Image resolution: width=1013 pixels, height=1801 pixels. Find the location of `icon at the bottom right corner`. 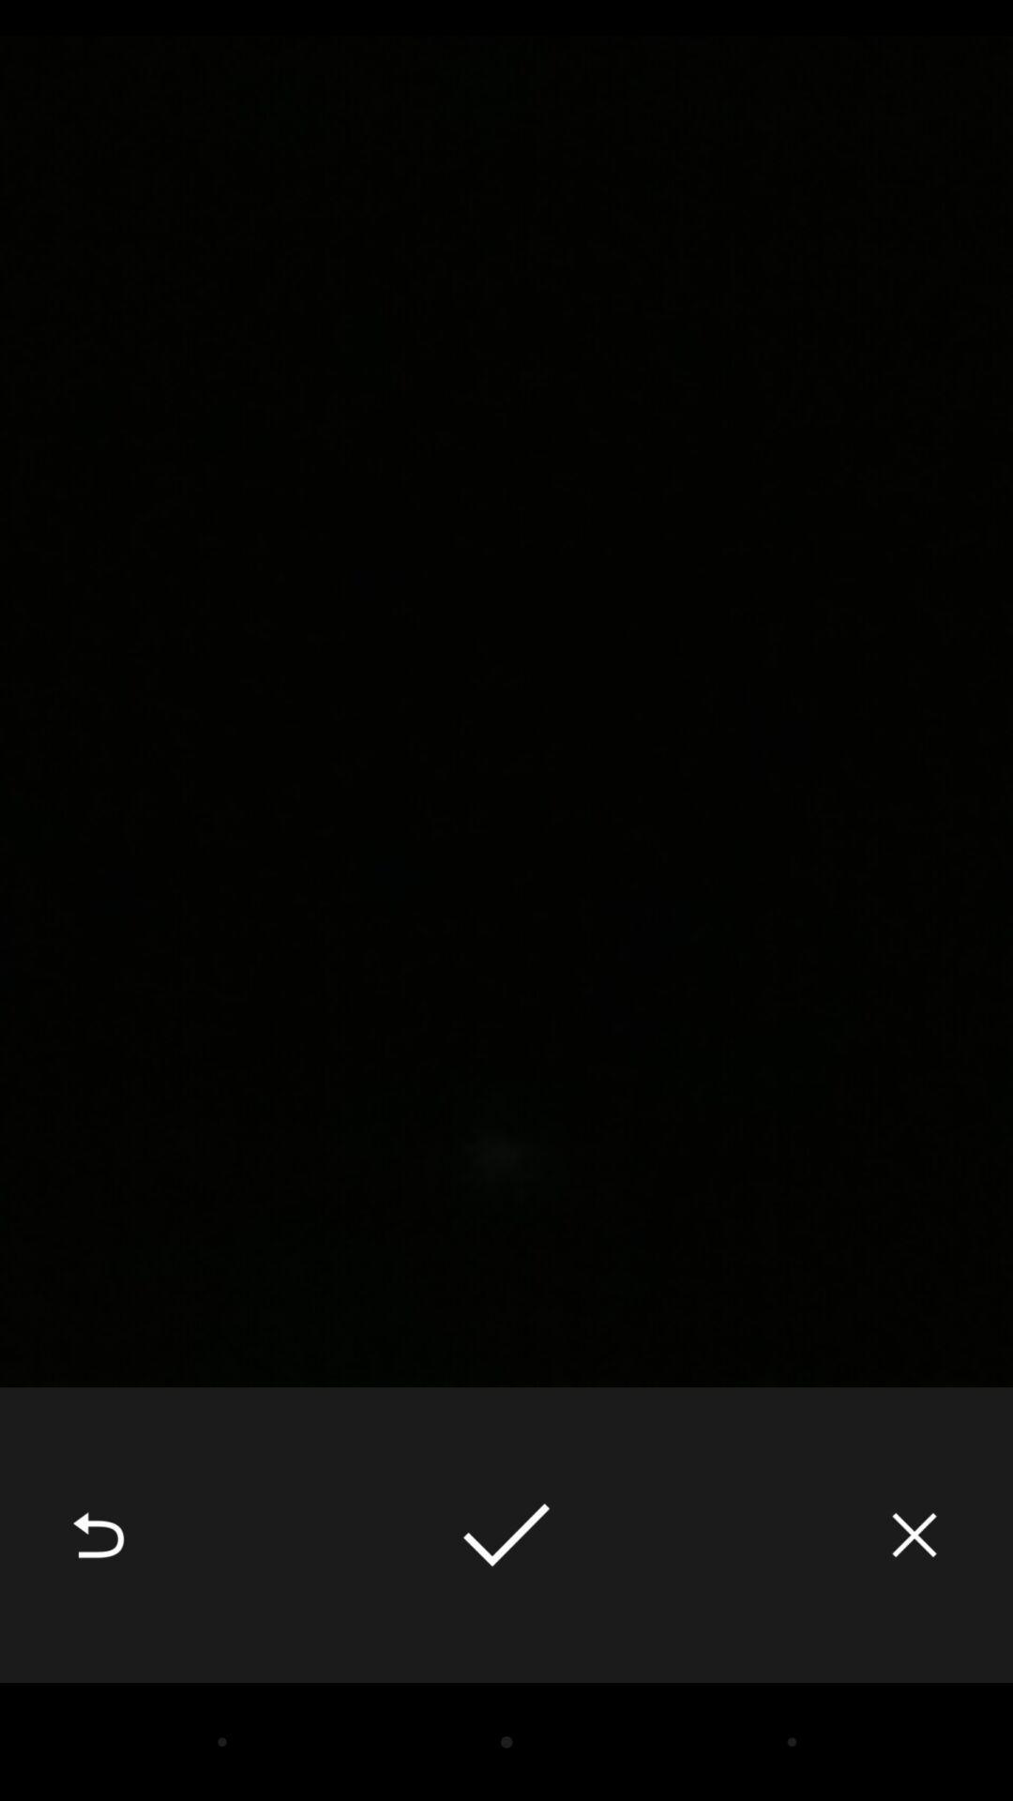

icon at the bottom right corner is located at coordinates (914, 1535).